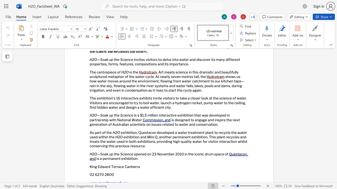 This screenshot has height=189, width=337. What do you see at coordinates (130, 158) in the screenshot?
I see `the space between the continuous character "b" and "i" in the text` at bounding box center [130, 158].